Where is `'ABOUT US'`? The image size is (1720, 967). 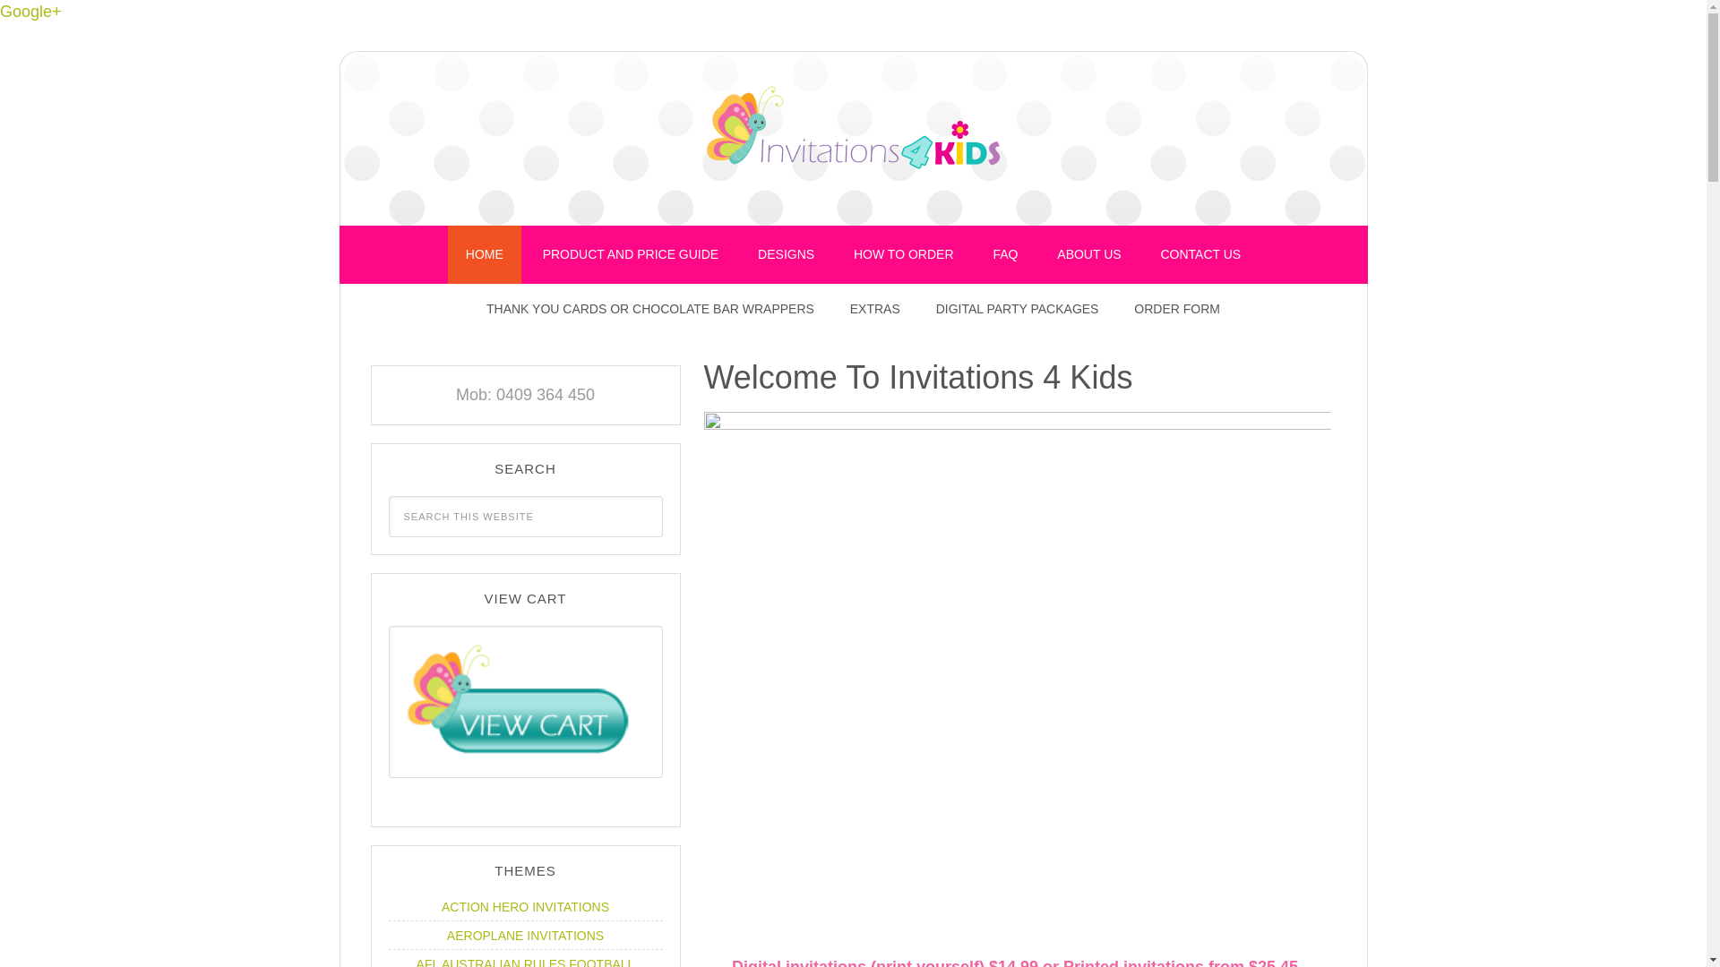
'ABOUT US' is located at coordinates (1088, 254).